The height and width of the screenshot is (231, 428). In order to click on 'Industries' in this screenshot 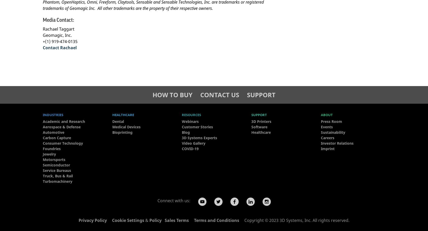, I will do `click(53, 115)`.